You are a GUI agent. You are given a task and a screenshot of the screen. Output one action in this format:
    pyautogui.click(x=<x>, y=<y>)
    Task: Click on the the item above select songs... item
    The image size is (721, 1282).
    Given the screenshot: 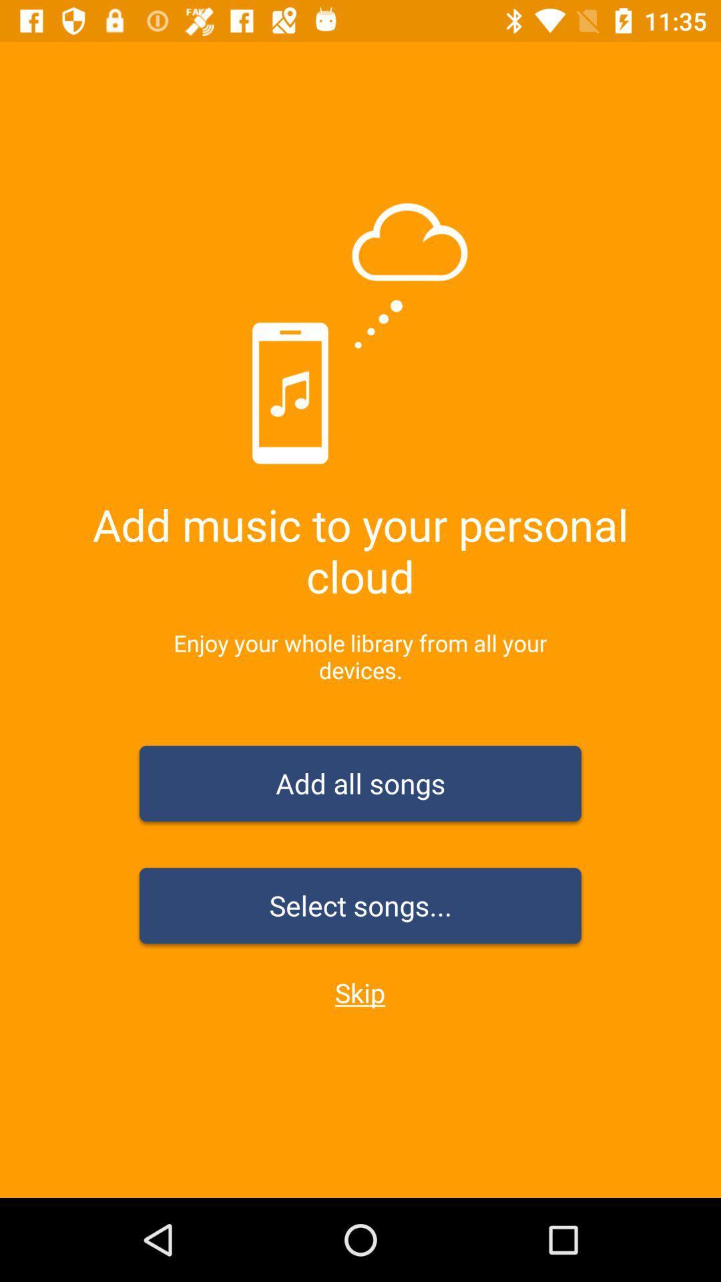 What is the action you would take?
    pyautogui.click(x=360, y=786)
    